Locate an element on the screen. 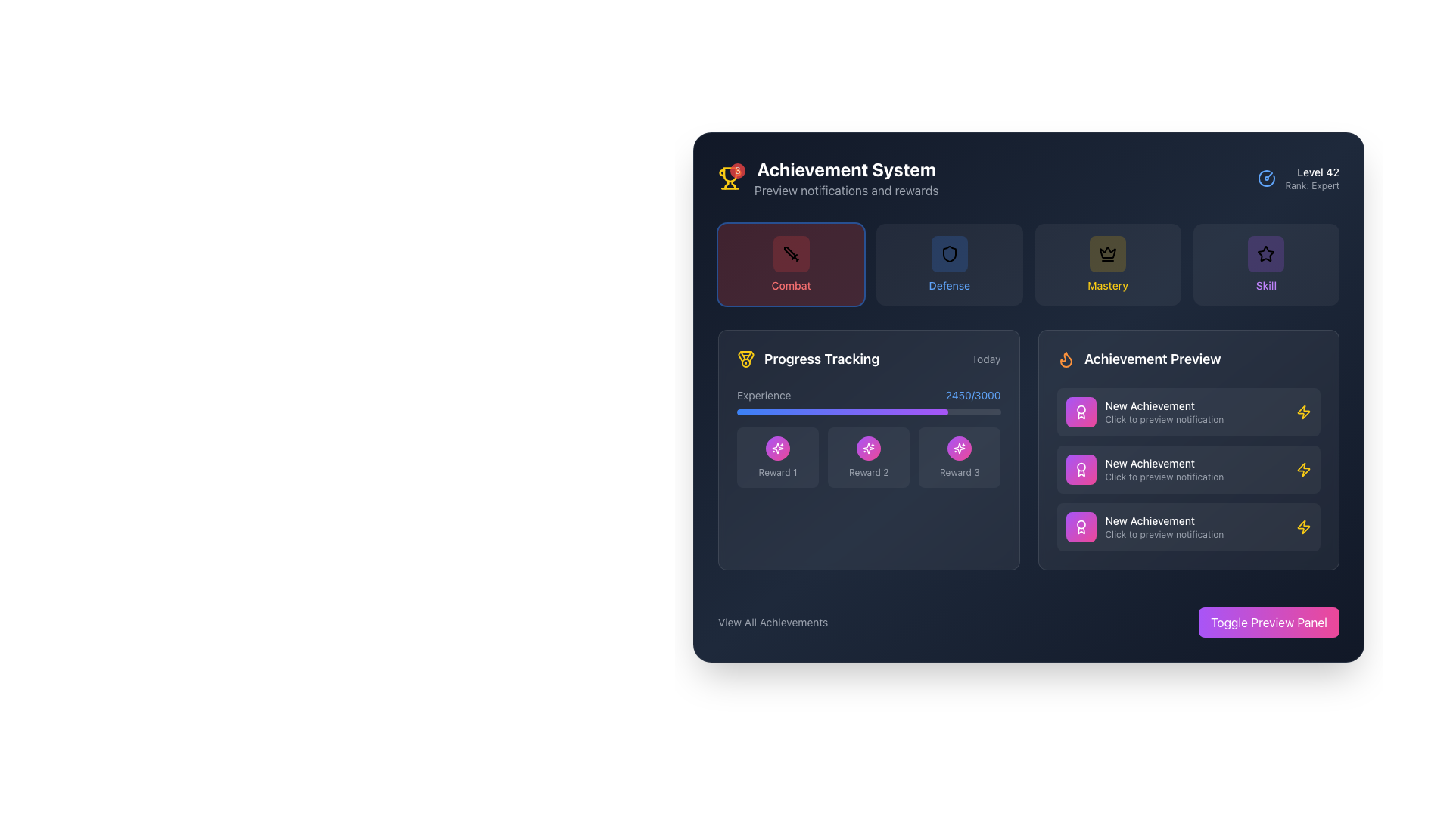  the award or achievement icon located in the top-left corner of the interface, aligned with the header title 'Achievement System' is located at coordinates (1080, 412).